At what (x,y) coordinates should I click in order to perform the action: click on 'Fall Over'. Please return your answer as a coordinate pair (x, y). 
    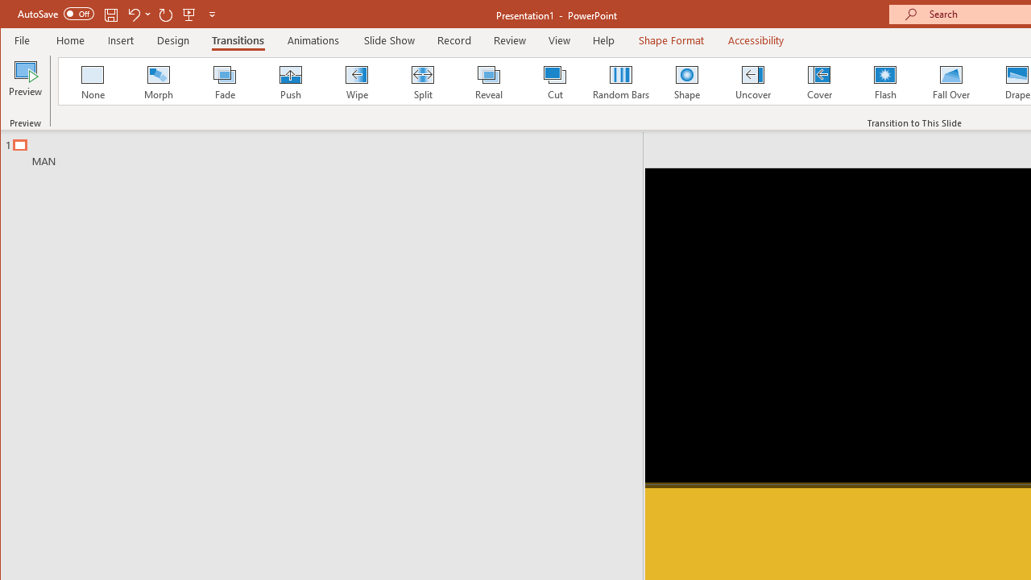
    Looking at the image, I should click on (951, 81).